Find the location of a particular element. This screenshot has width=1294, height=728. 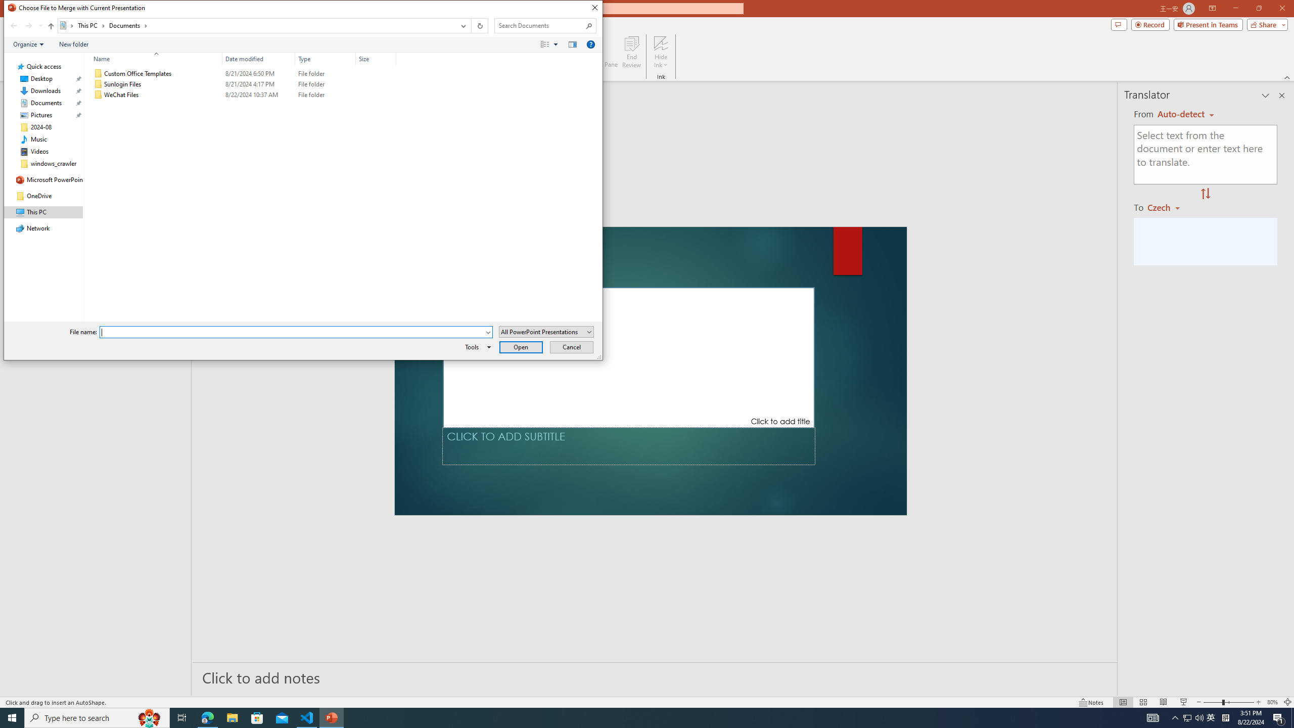

'Up to "This PC" (Alt + Up Arrow)' is located at coordinates (51, 25).